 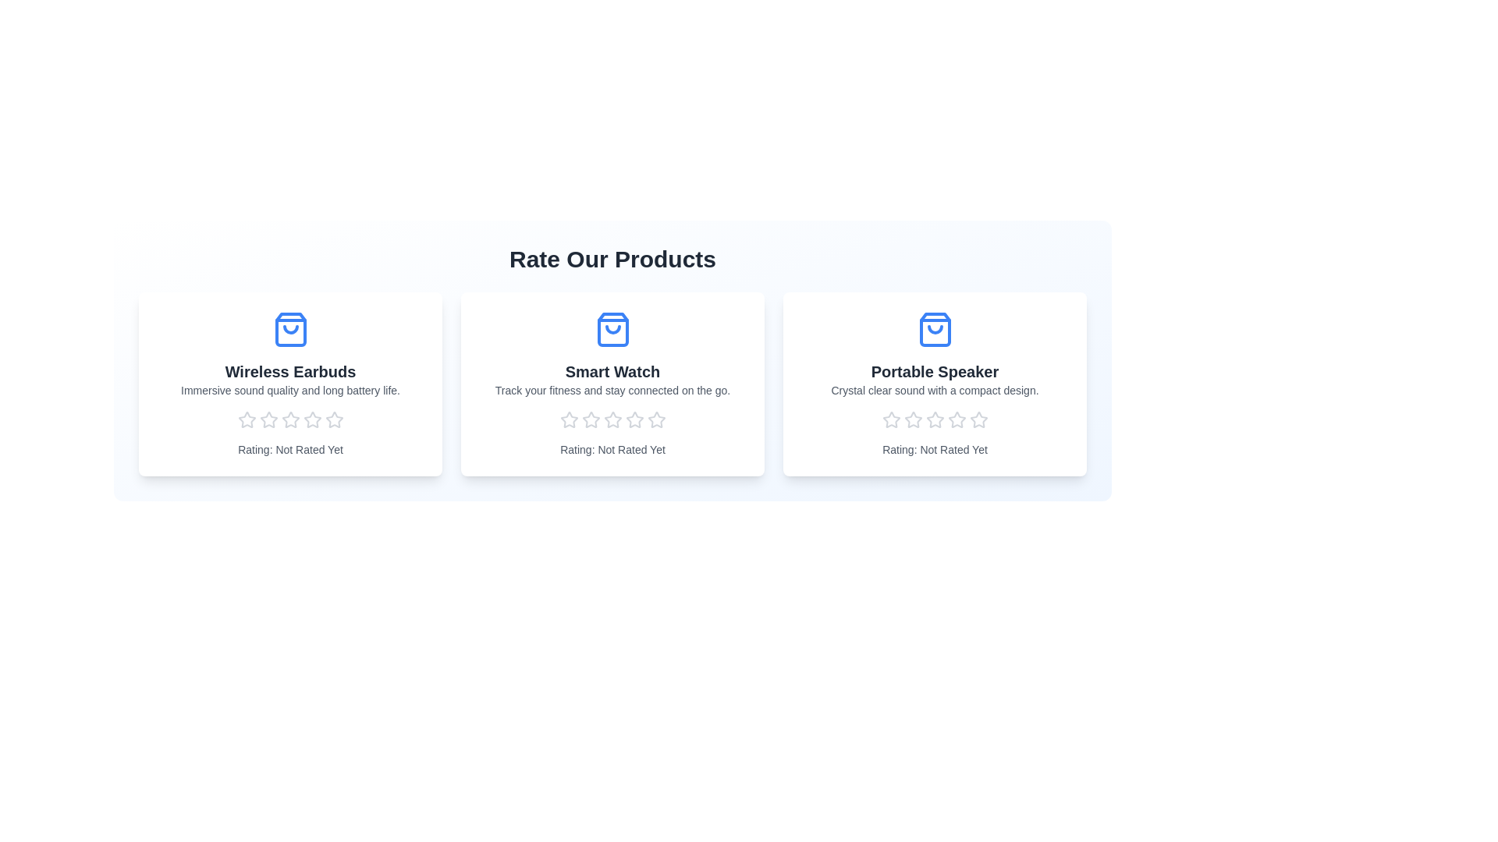 What do you see at coordinates (935, 390) in the screenshot?
I see `the description of the product Portable Speaker` at bounding box center [935, 390].